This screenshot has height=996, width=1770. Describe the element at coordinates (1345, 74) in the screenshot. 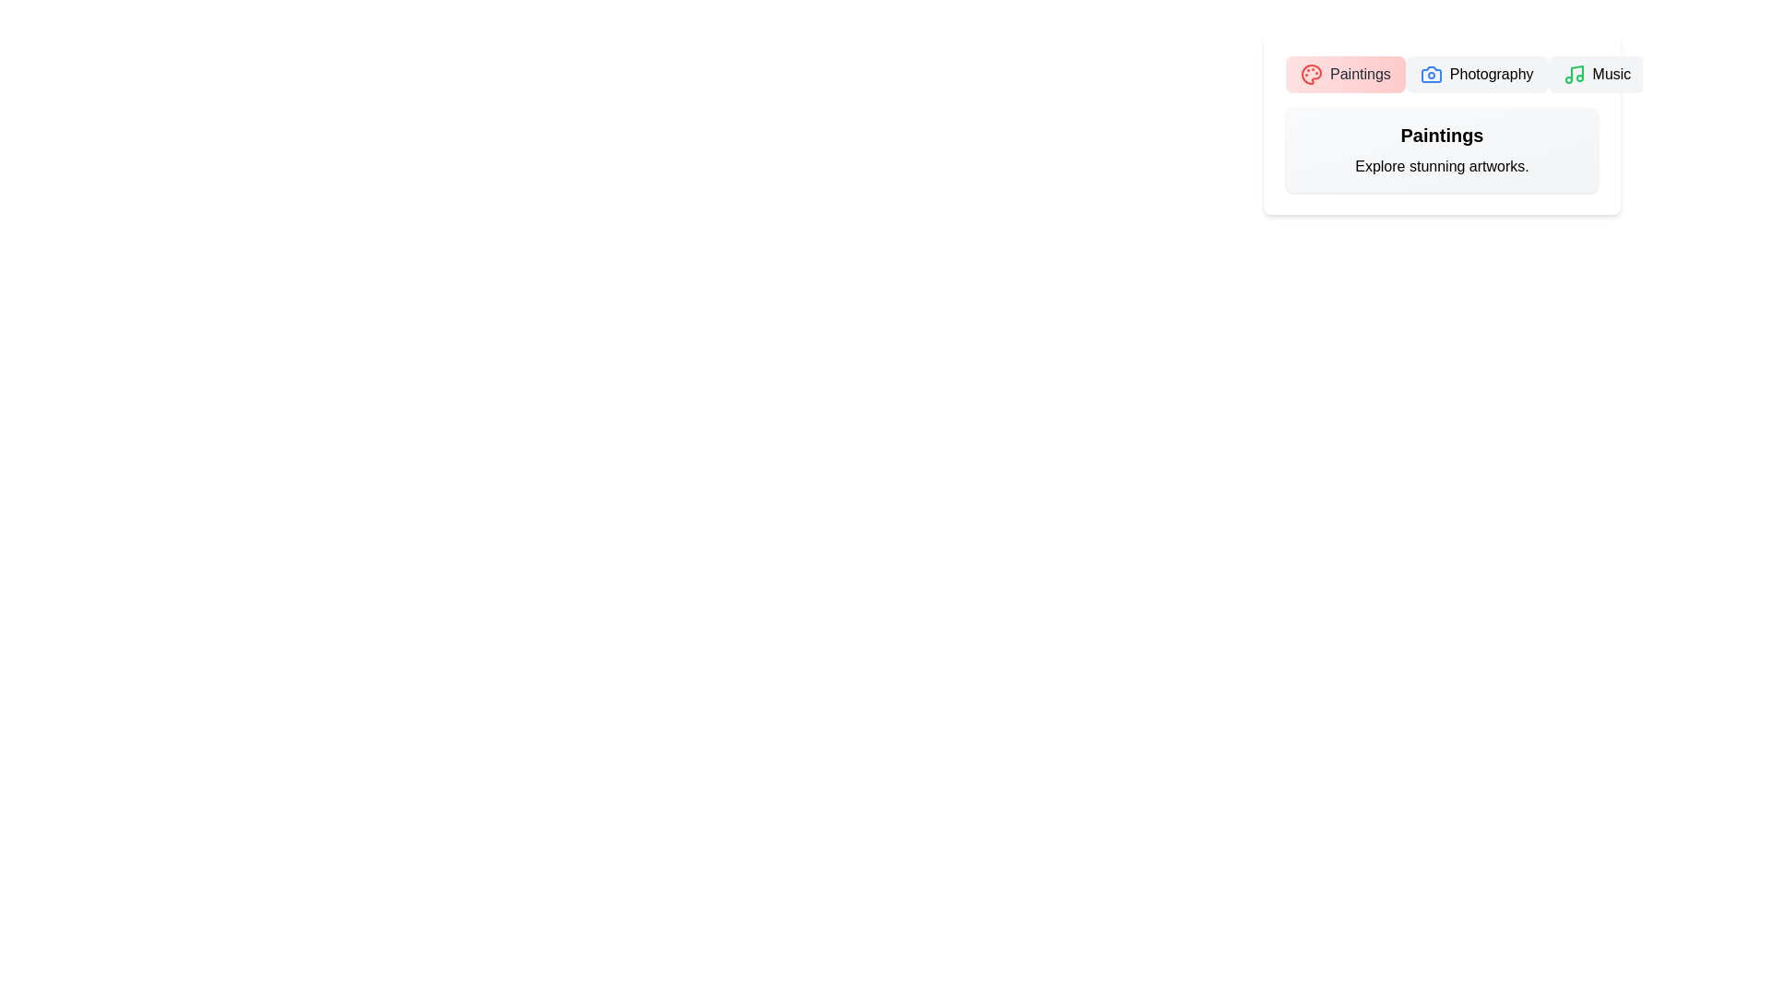

I see `the tab labeled Paintings to view its content` at that location.